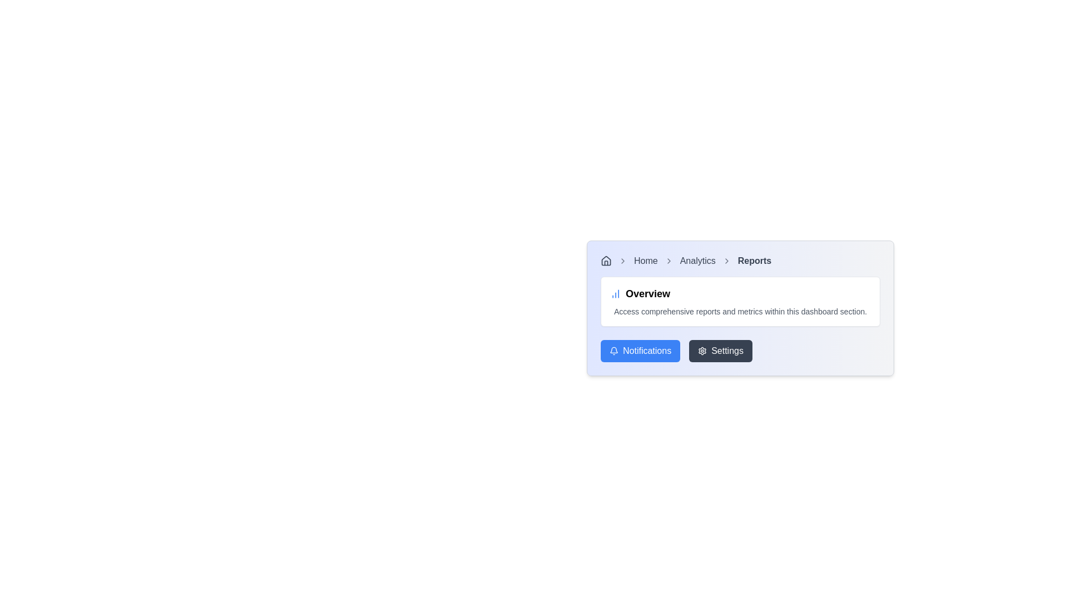  I want to click on the breadcrumb navigation Text label indicating the user's current position within the Analytics section of the site, so click(697, 261).